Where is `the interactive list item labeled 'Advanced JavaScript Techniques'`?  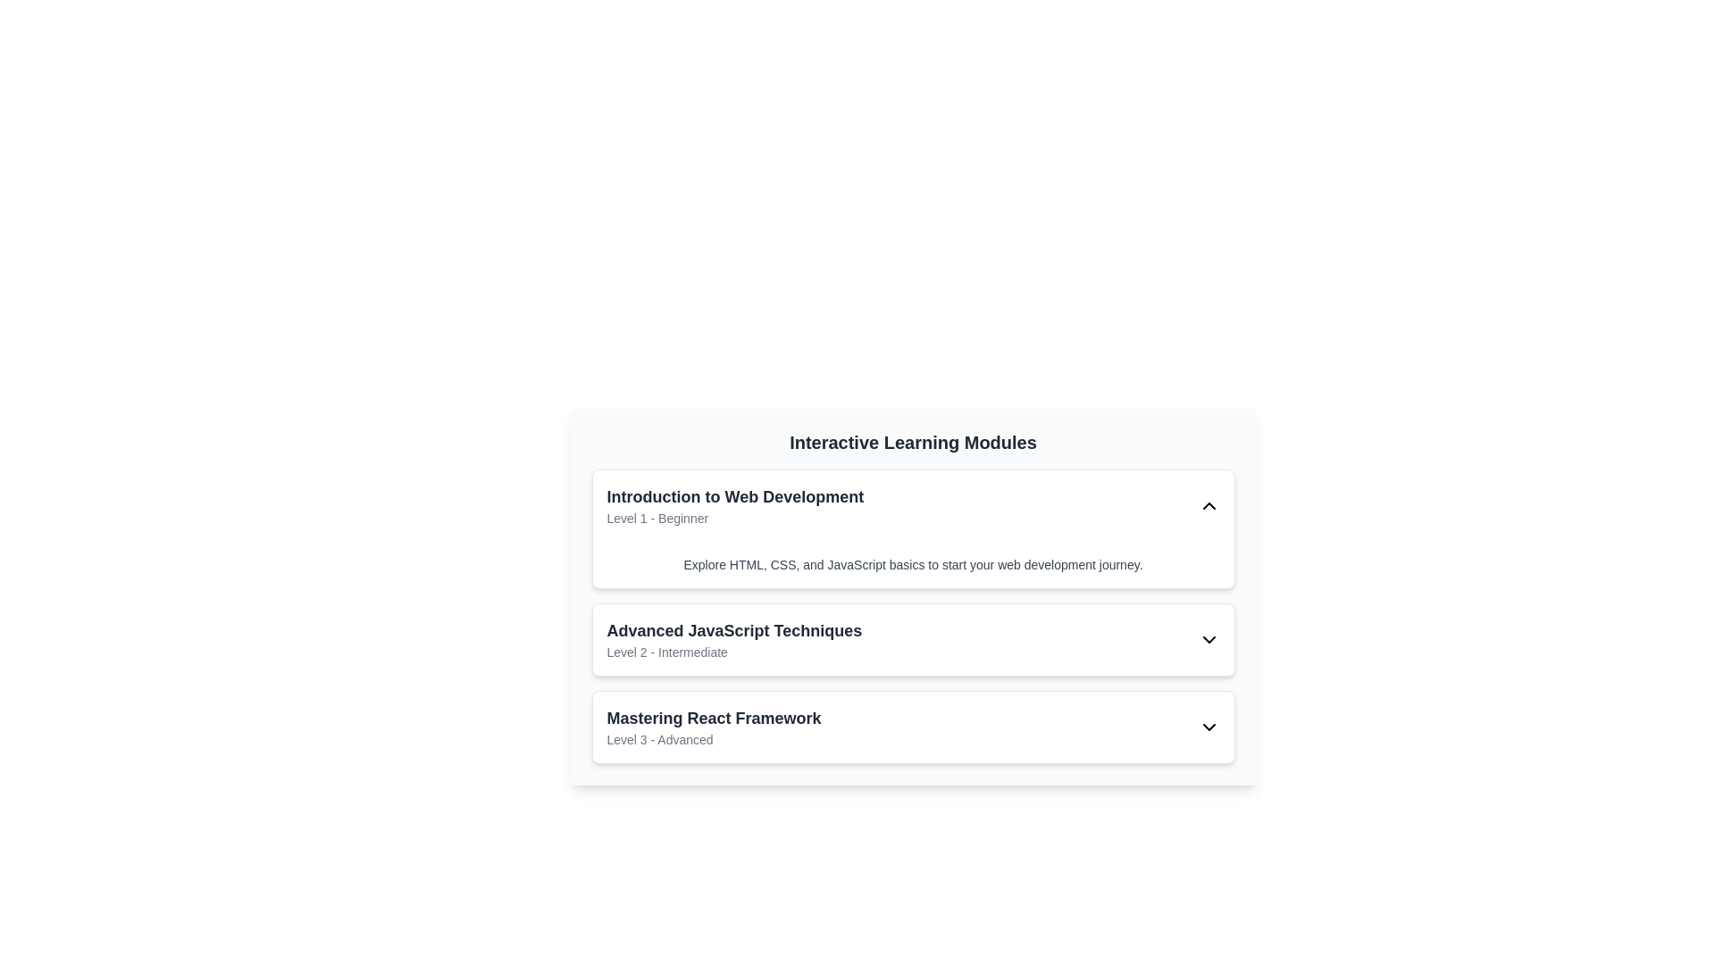
the interactive list item labeled 'Advanced JavaScript Techniques' is located at coordinates (913, 639).